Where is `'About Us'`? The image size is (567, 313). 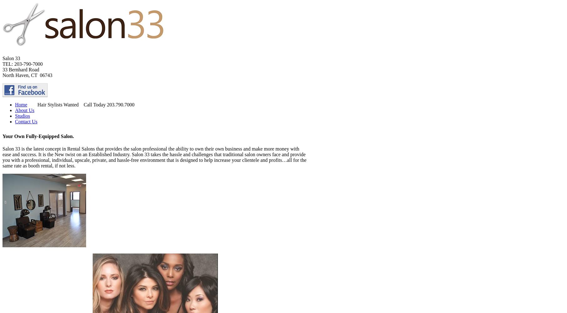 'About Us' is located at coordinates (24, 110).